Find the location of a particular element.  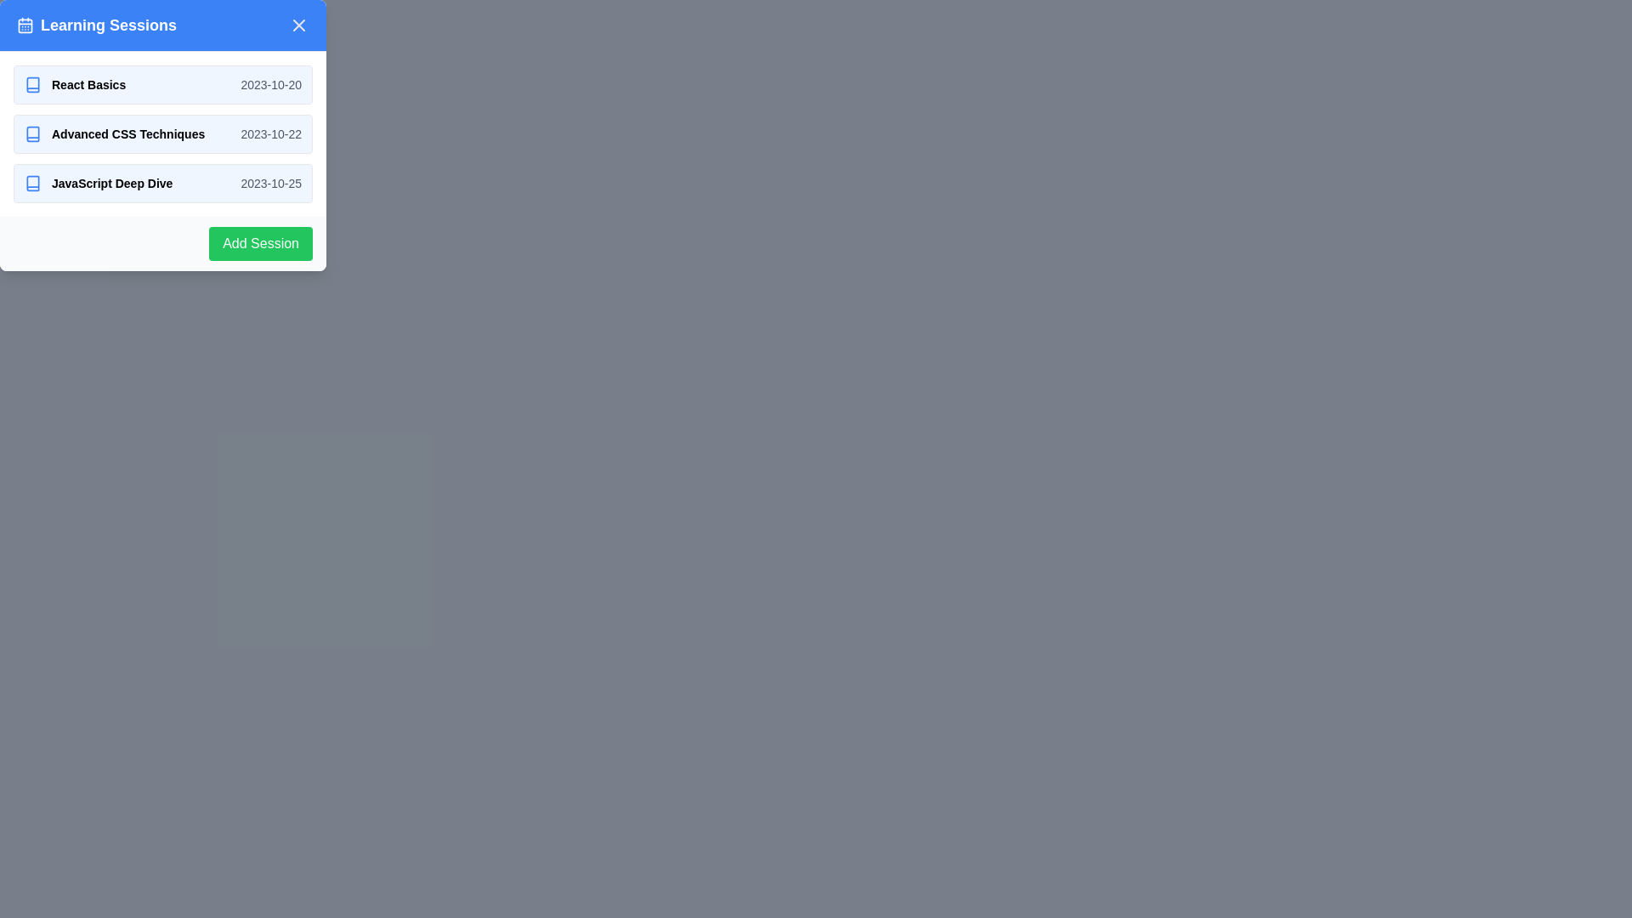

the close button located in the top-right corner of the 'Learning Sessions' header is located at coordinates (298, 25).